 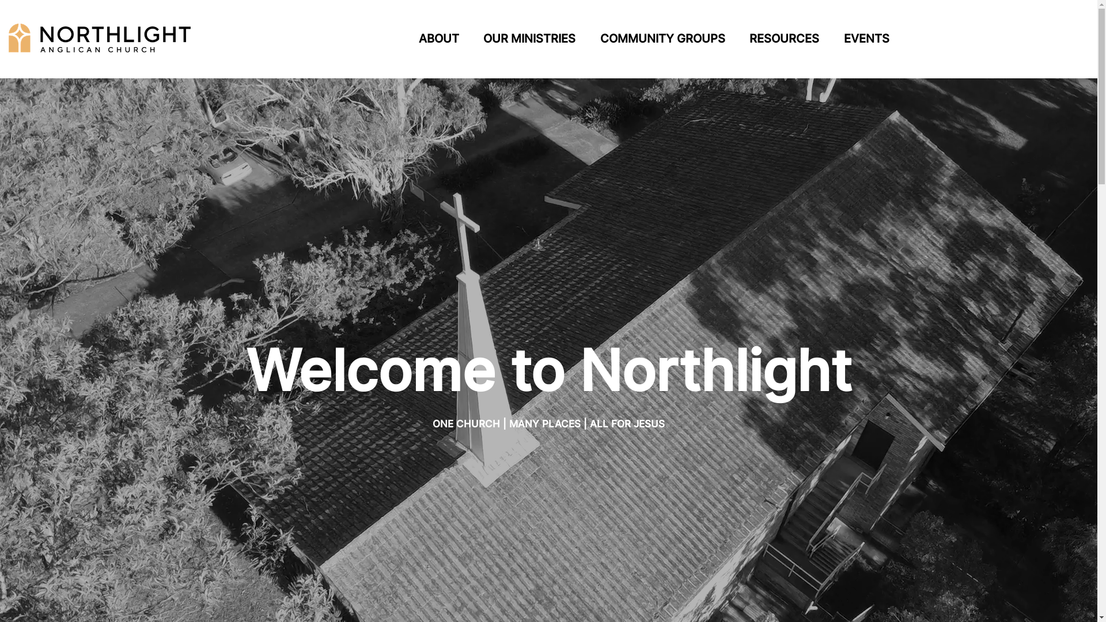 I want to click on 'RESOURCES', so click(x=783, y=39).